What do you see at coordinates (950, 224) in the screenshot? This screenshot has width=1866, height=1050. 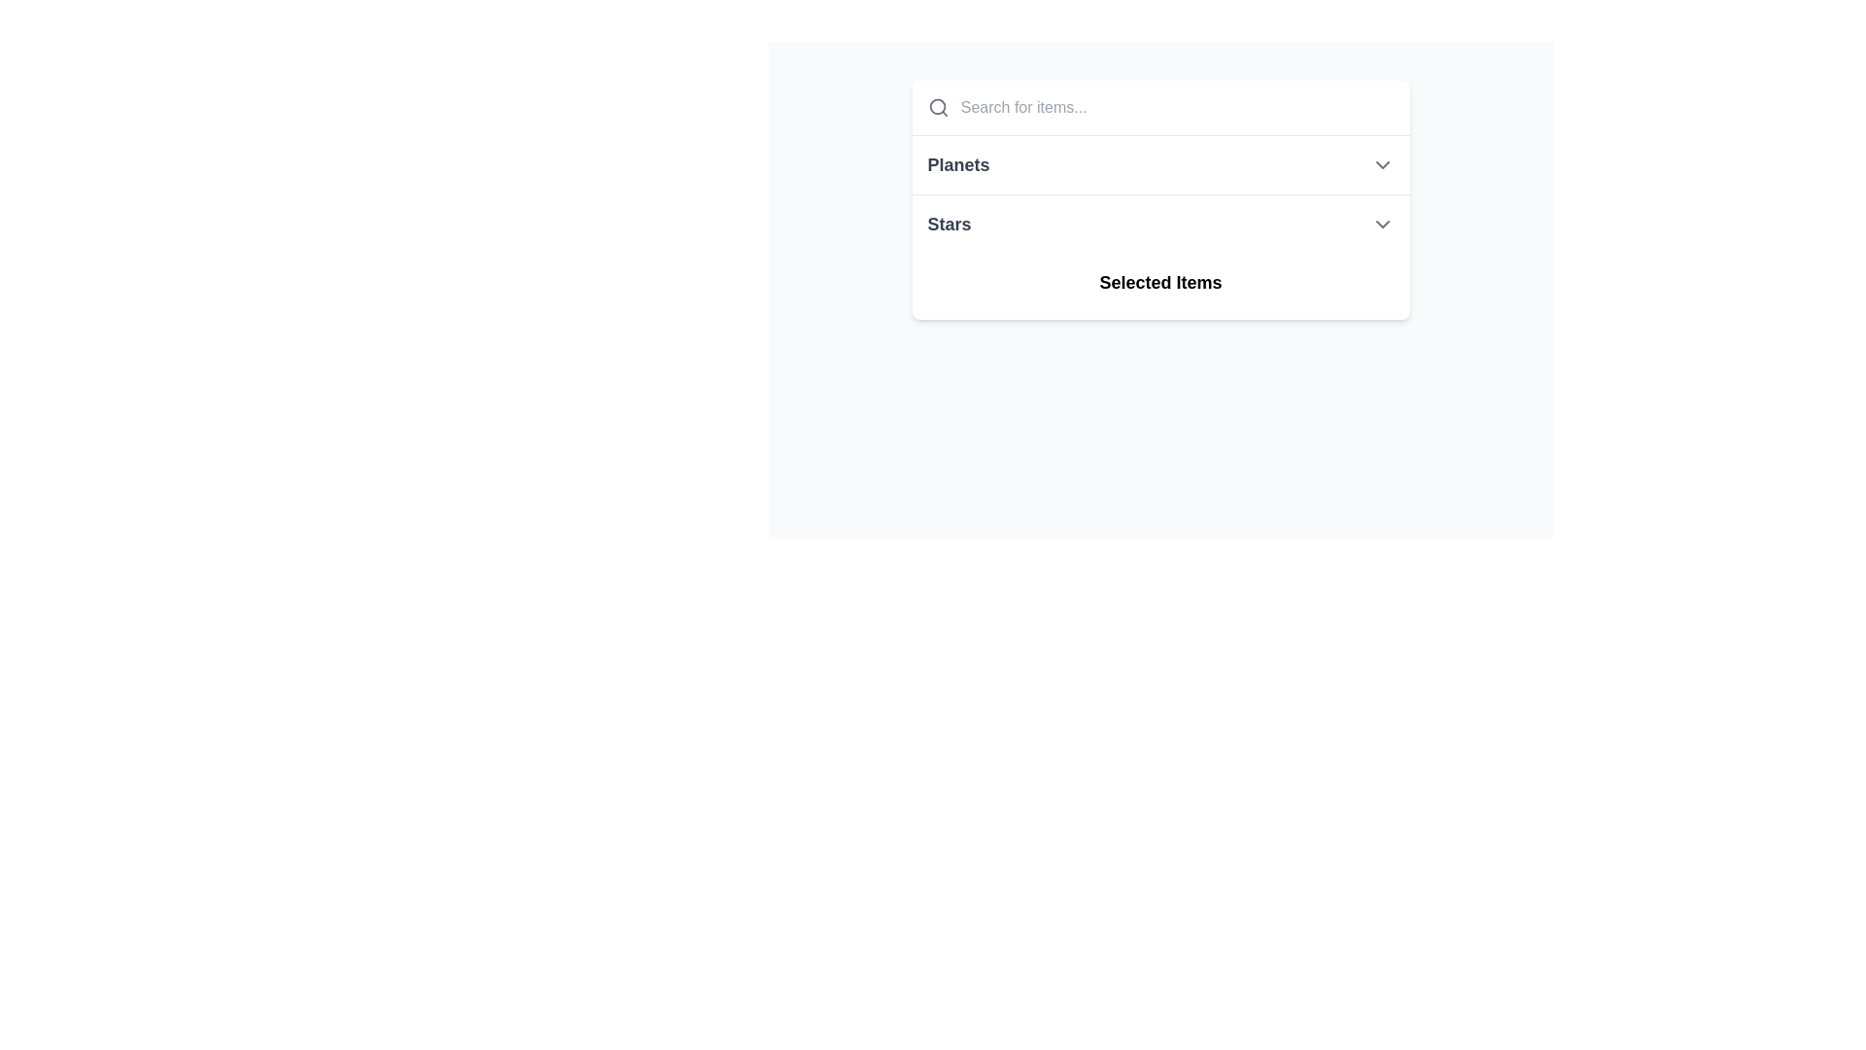 I see `text label that serves as the header for the dropdown or list item related to 'Stars', located at the center of the bounding box` at bounding box center [950, 224].